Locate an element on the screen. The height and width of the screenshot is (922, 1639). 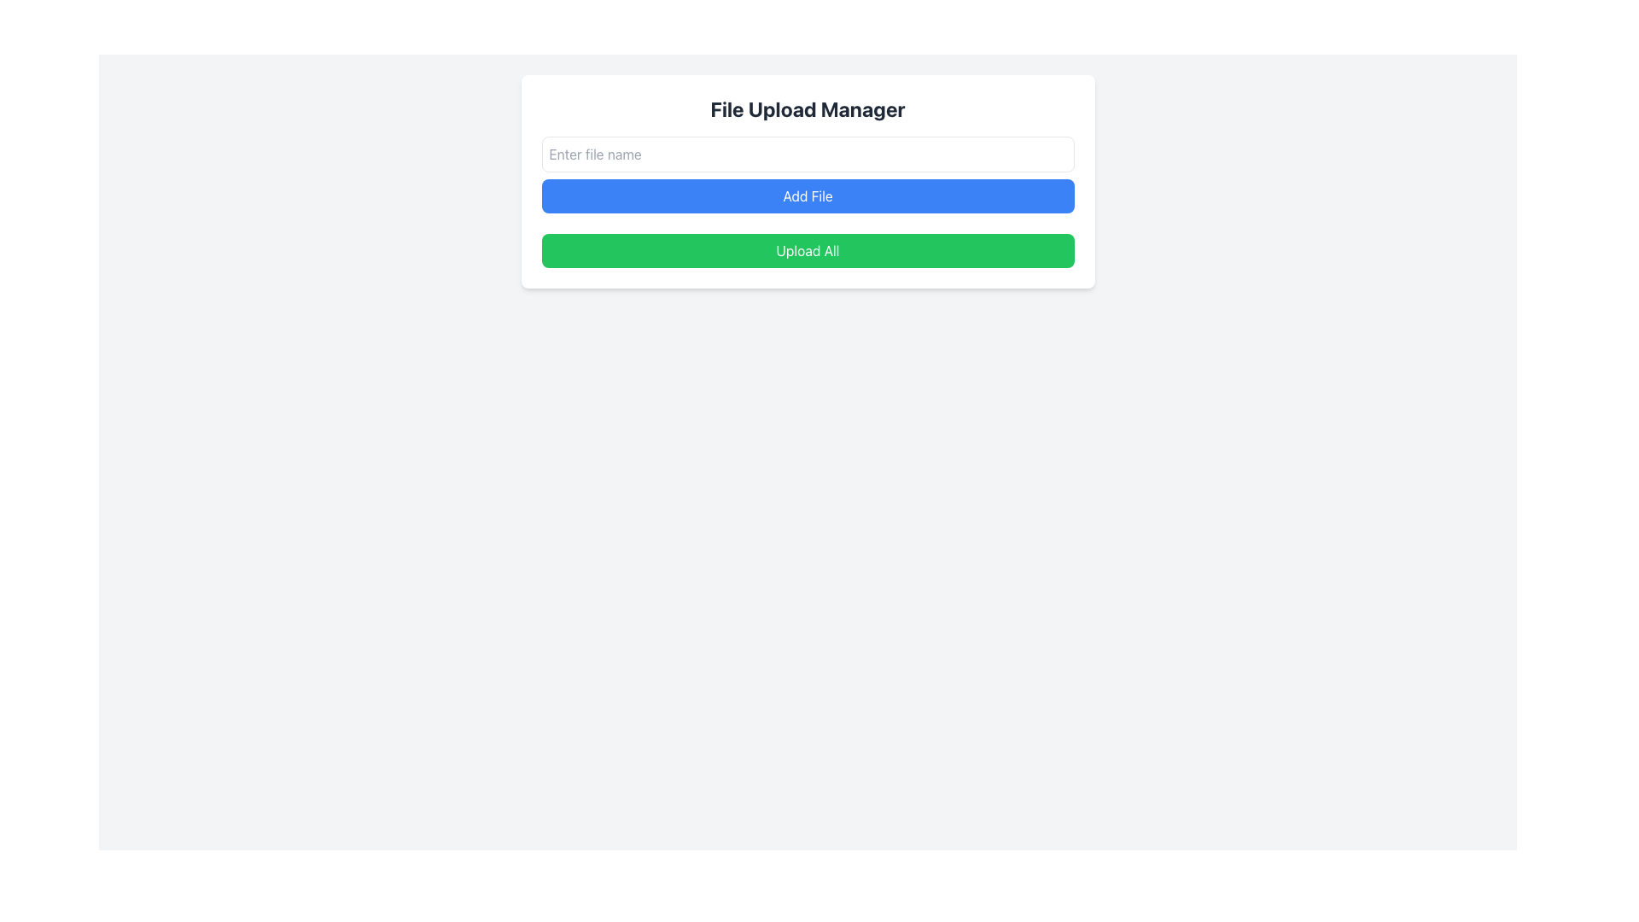
the 'Add File' button, which is a rectangular button with rounded edges and a blue background is located at coordinates (807, 195).